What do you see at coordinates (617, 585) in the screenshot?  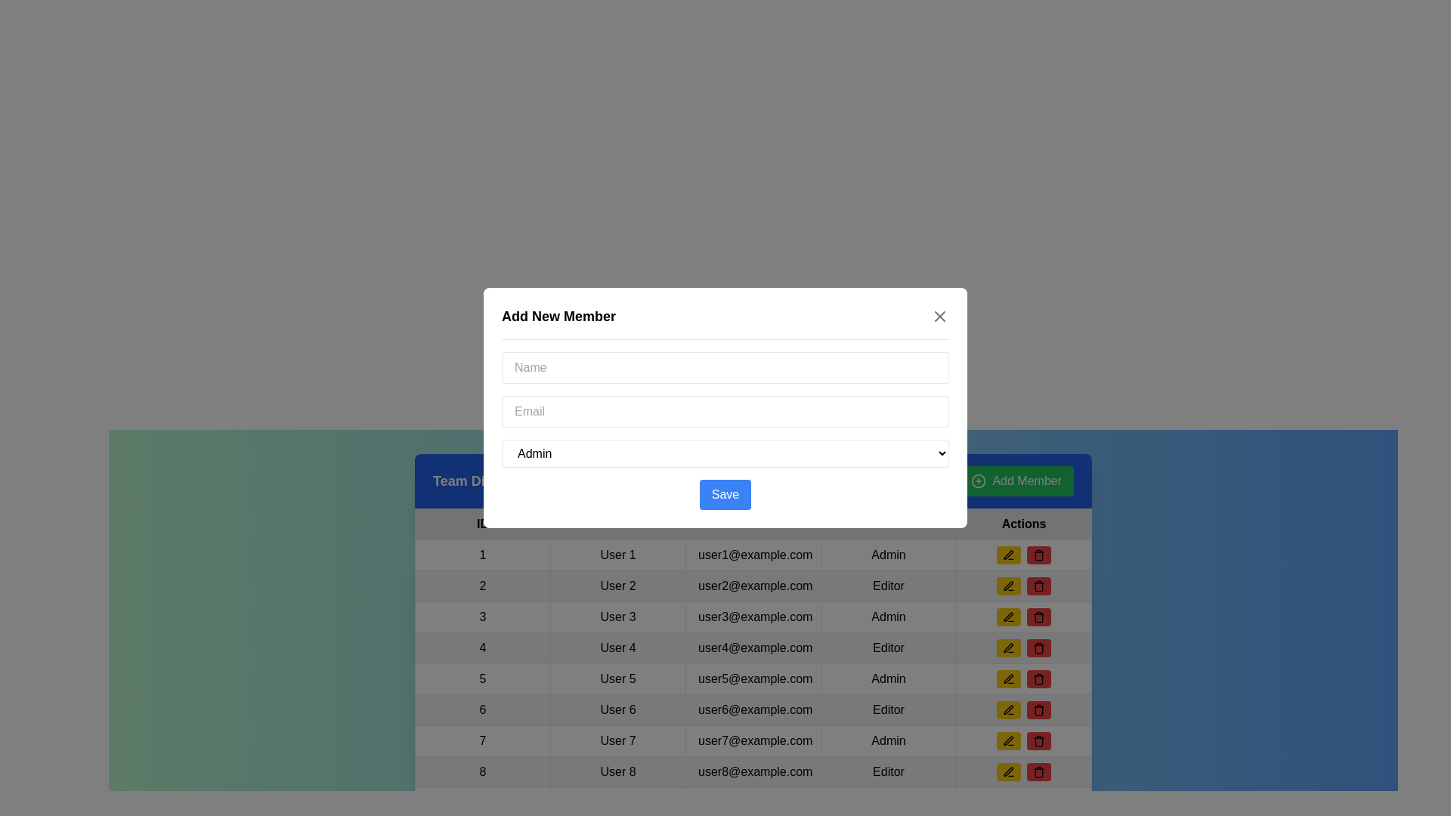 I see `the static text element displaying 'User 2', which is located in the second cell of the second row under the 'Team Details' header in the table` at bounding box center [617, 585].